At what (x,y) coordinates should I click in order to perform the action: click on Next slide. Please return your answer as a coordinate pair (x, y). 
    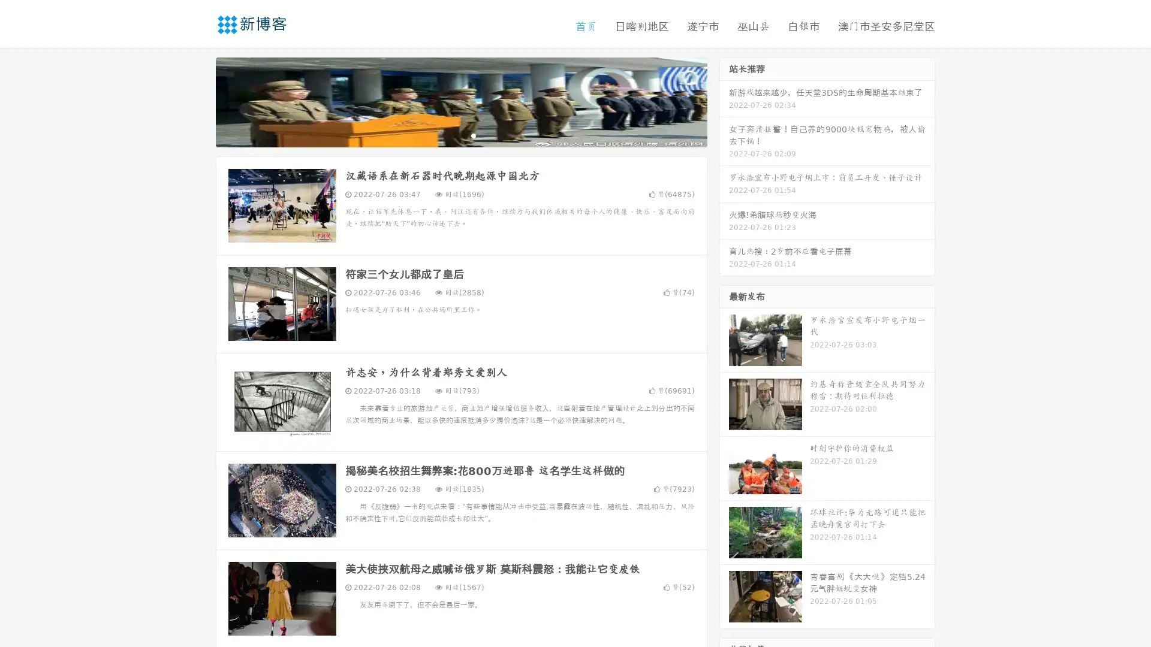
    Looking at the image, I should click on (724, 101).